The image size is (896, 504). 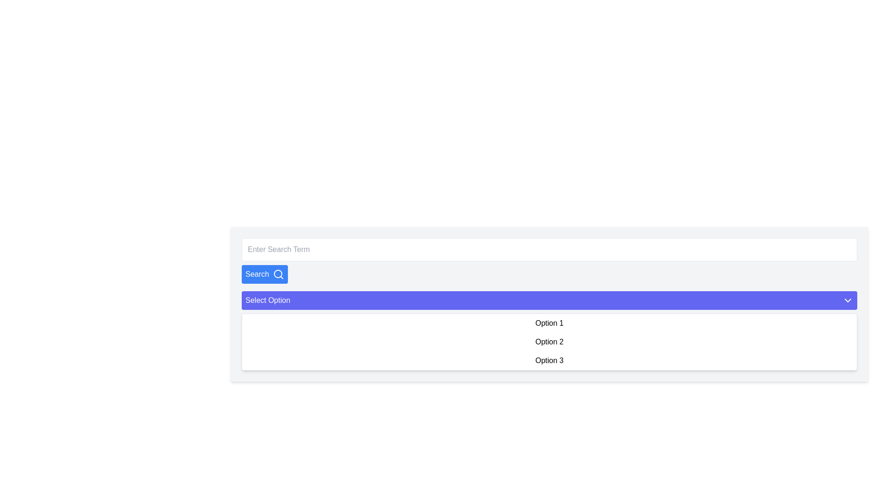 I want to click on the search icon represented as a magnifying glass located within the blue 'Search' button, so click(x=278, y=273).